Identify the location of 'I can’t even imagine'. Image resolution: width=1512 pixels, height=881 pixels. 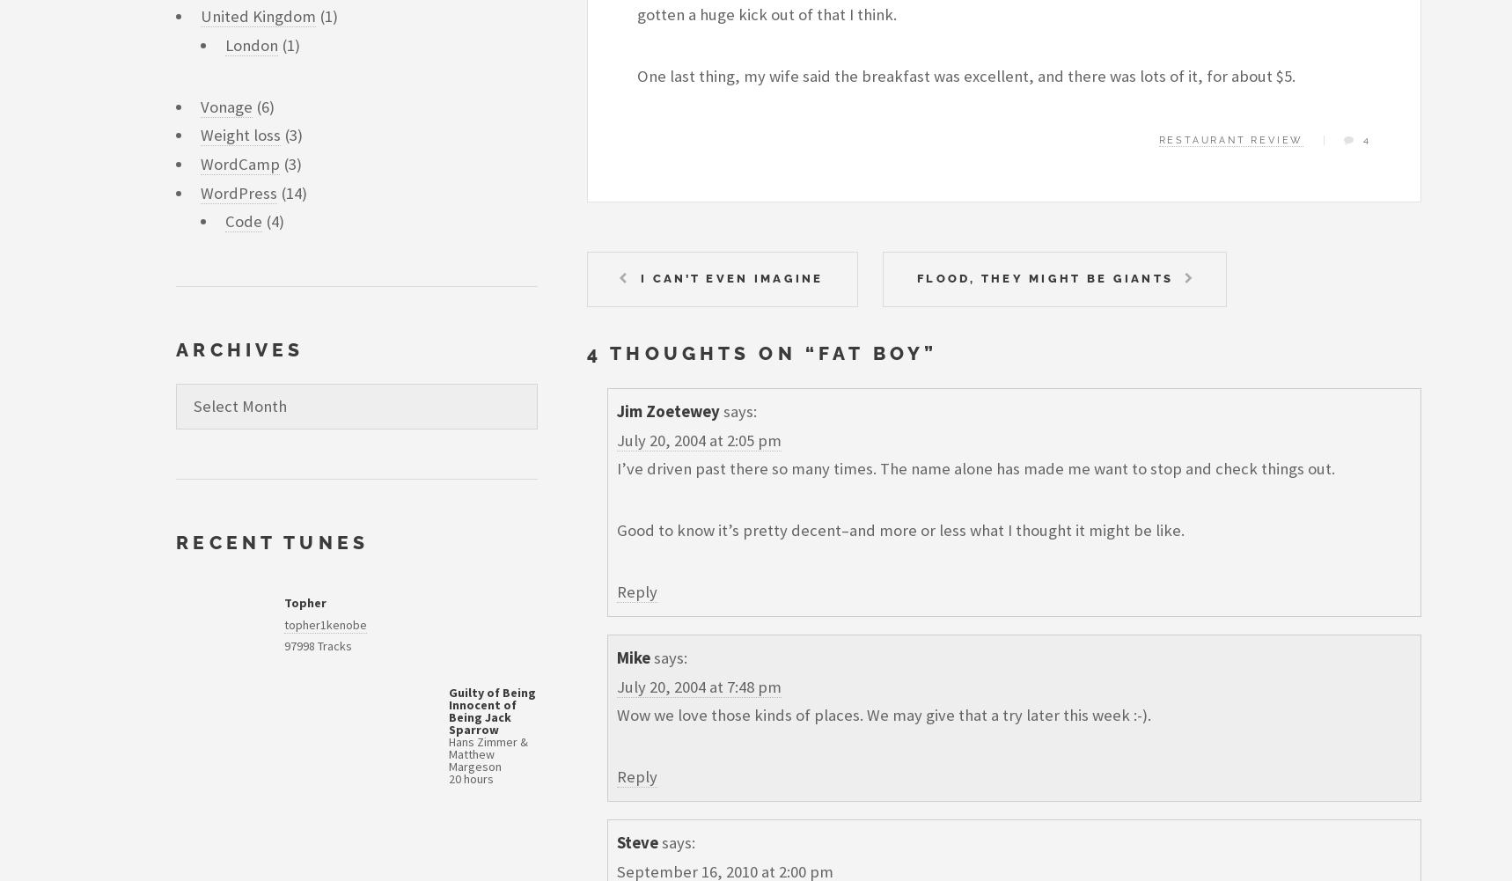
(731, 278).